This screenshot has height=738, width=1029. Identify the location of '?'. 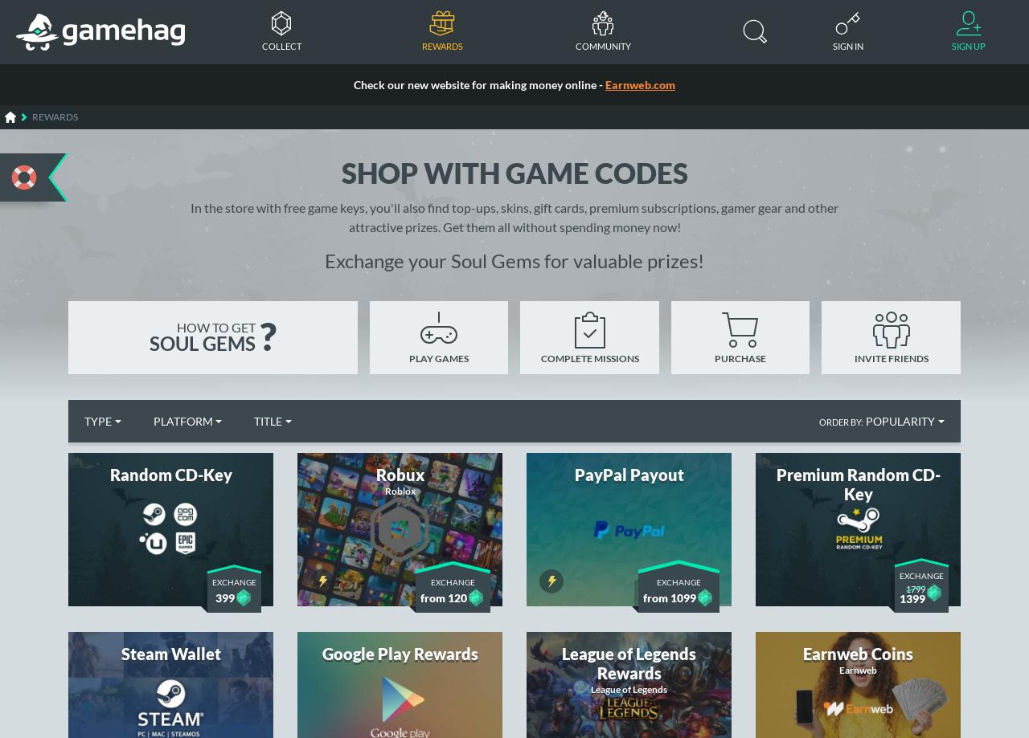
(267, 336).